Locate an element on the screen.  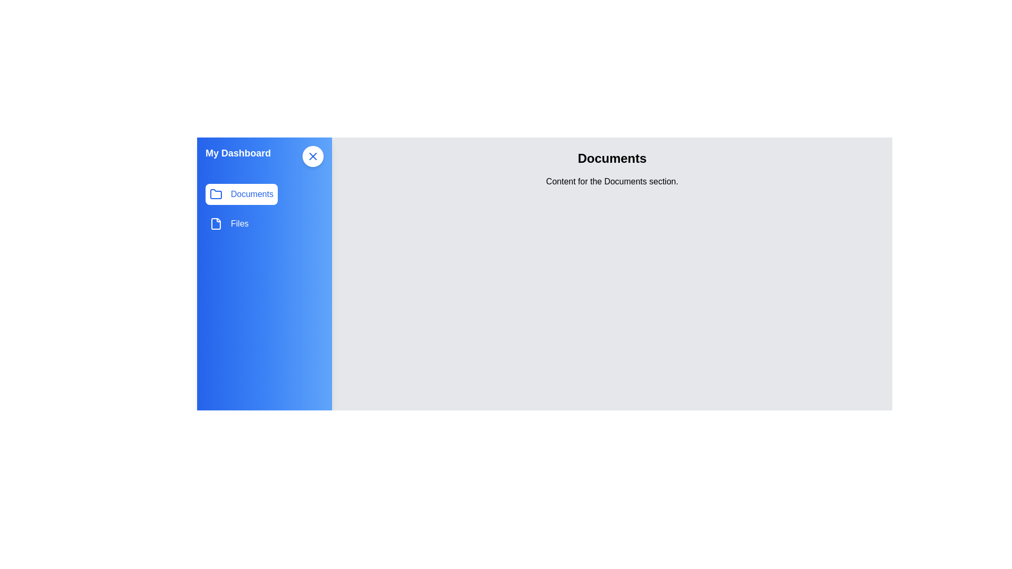
the tab labeled Files to switch to that section is located at coordinates (228, 223).